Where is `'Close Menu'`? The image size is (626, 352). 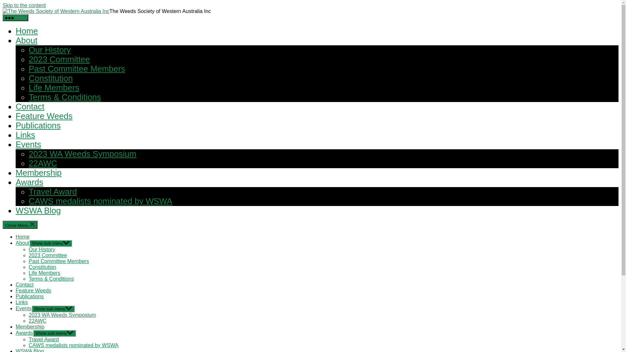
'Close Menu' is located at coordinates (20, 224).